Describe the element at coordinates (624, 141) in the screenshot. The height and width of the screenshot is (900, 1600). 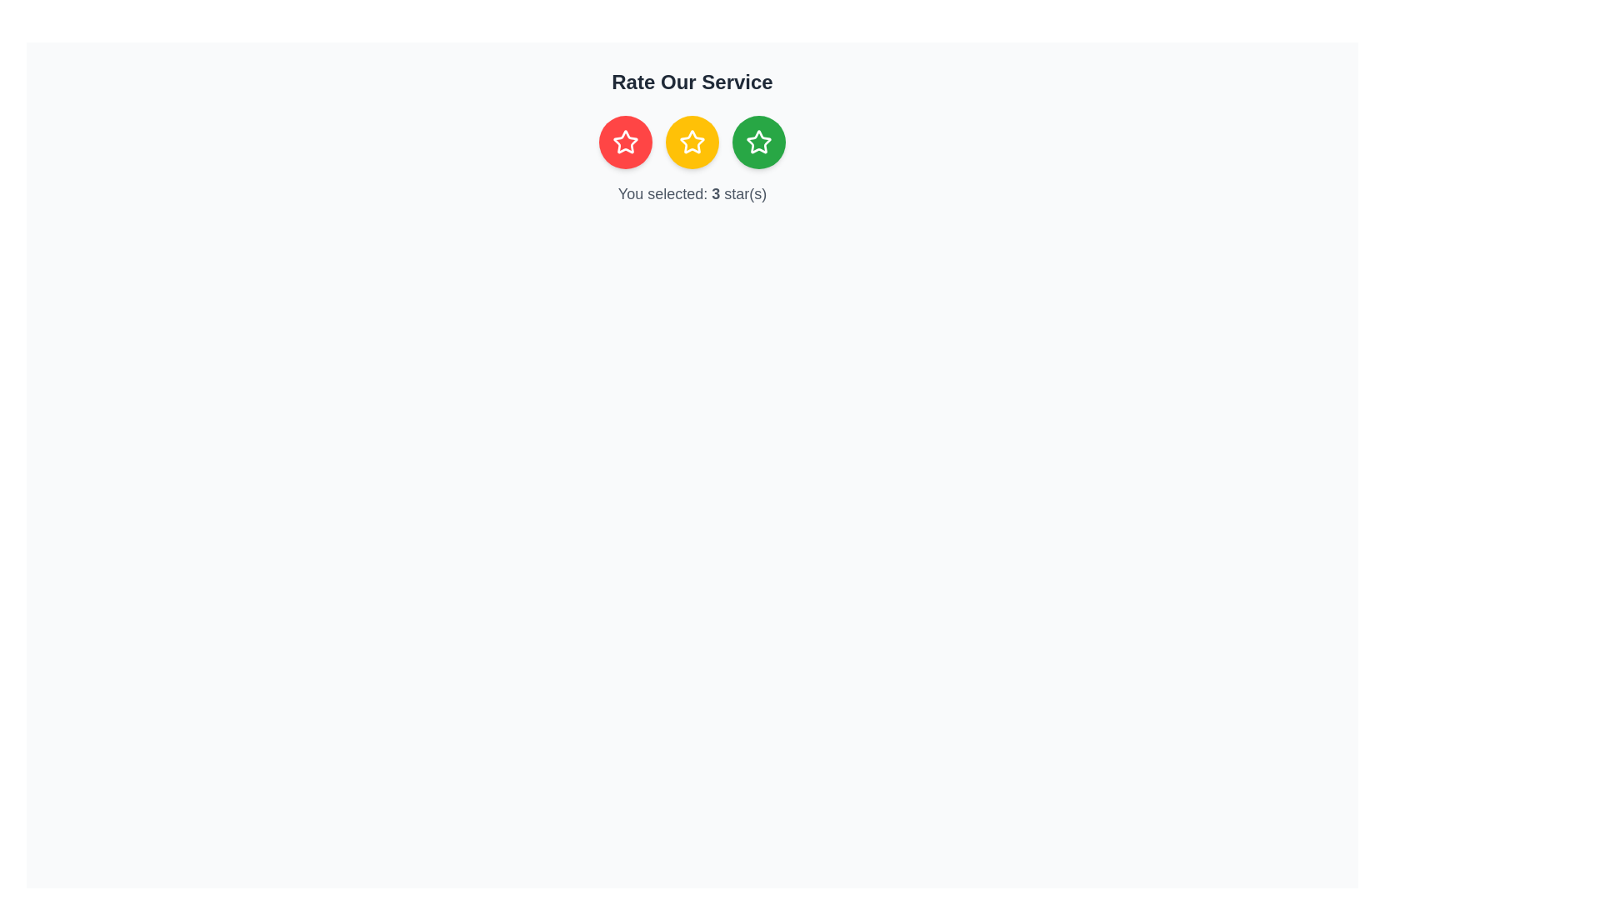
I see `the circular button with a red background and white star, which is the leftmost element in a group of three icons below the heading 'Rate Our Service'` at that location.